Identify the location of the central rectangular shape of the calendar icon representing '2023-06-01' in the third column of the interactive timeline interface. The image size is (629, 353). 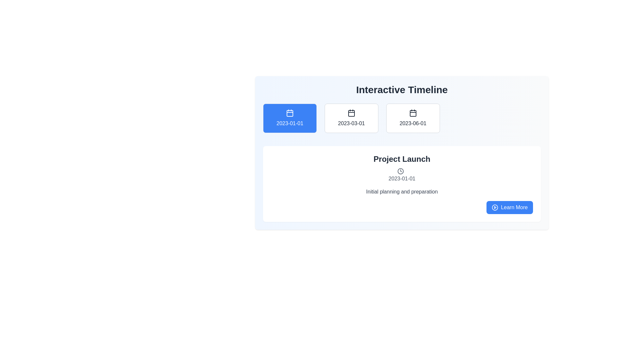
(412, 113).